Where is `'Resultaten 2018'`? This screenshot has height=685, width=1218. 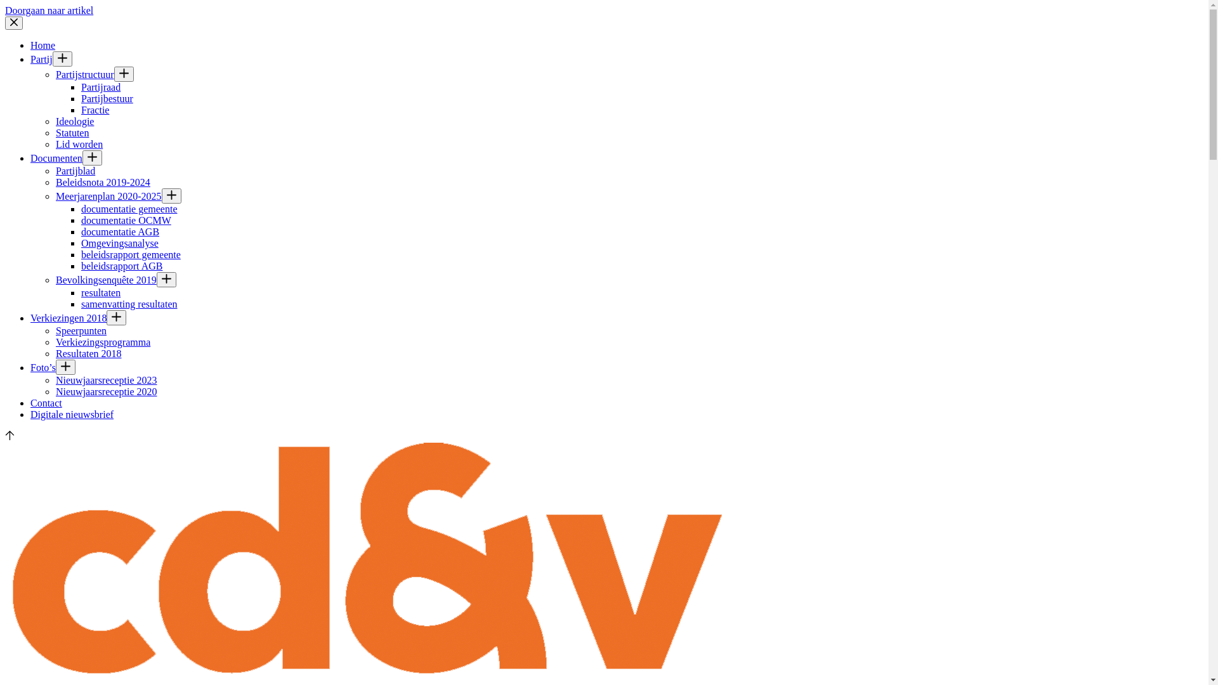
'Resultaten 2018' is located at coordinates (88, 353).